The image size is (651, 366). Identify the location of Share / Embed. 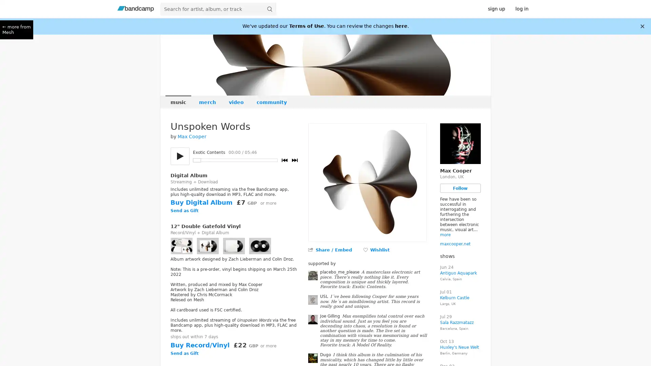
(333, 250).